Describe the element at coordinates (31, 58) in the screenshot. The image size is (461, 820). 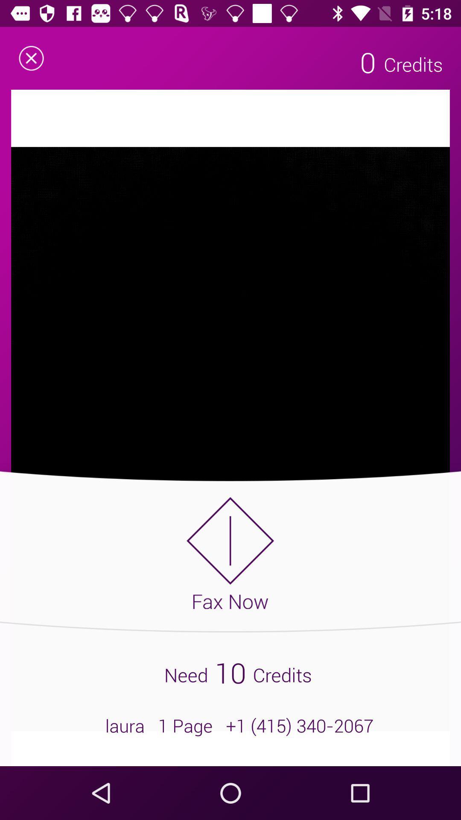
I see `the close icon` at that location.